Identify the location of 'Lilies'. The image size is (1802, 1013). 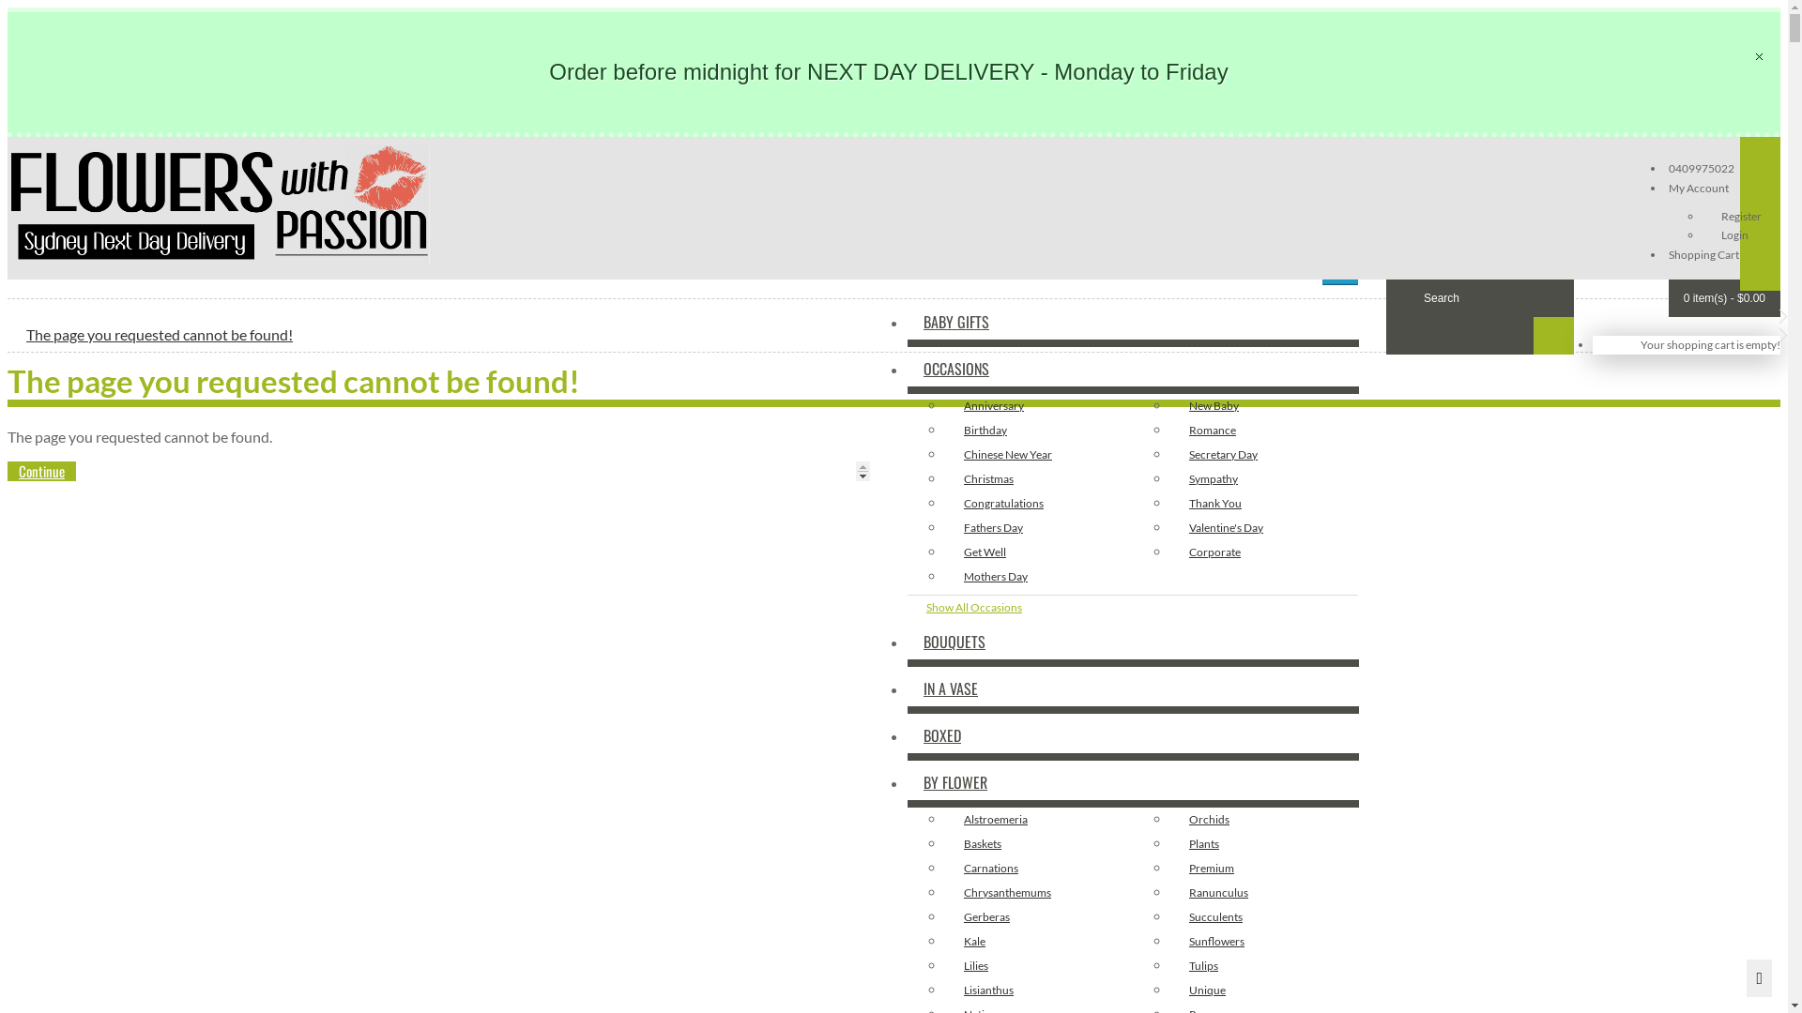
(1038, 965).